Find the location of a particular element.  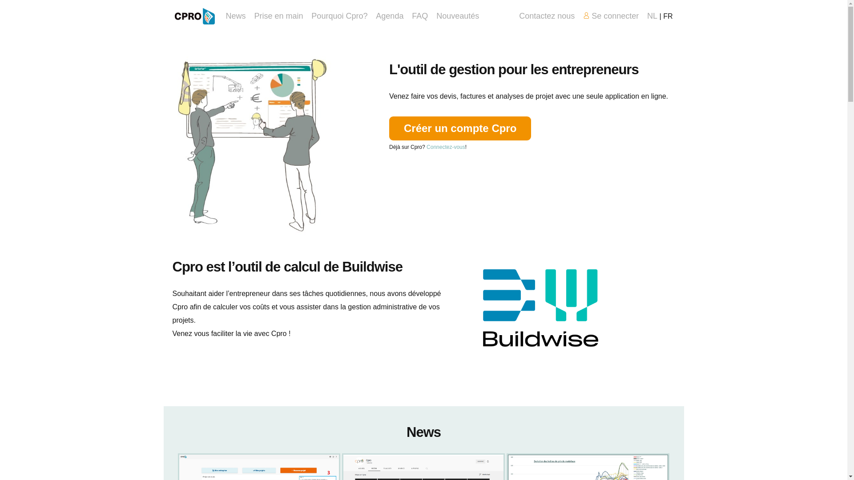

'Se connecter' is located at coordinates (610, 16).